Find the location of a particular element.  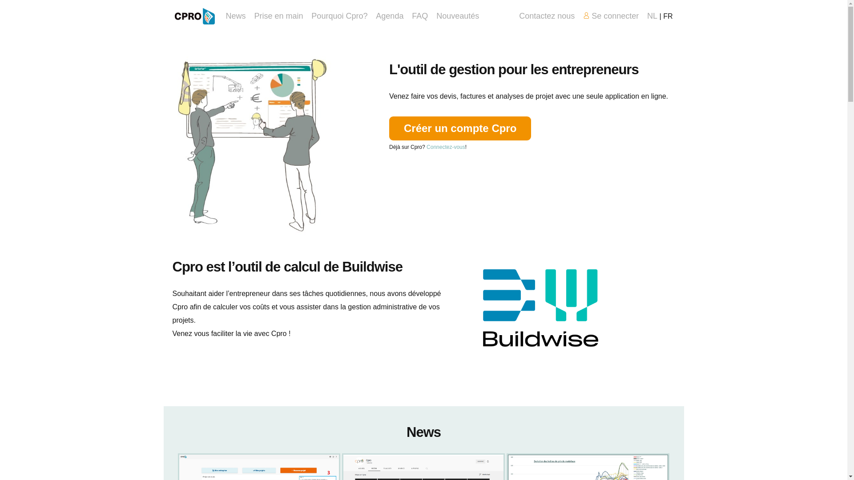

'Se connecter' is located at coordinates (610, 16).